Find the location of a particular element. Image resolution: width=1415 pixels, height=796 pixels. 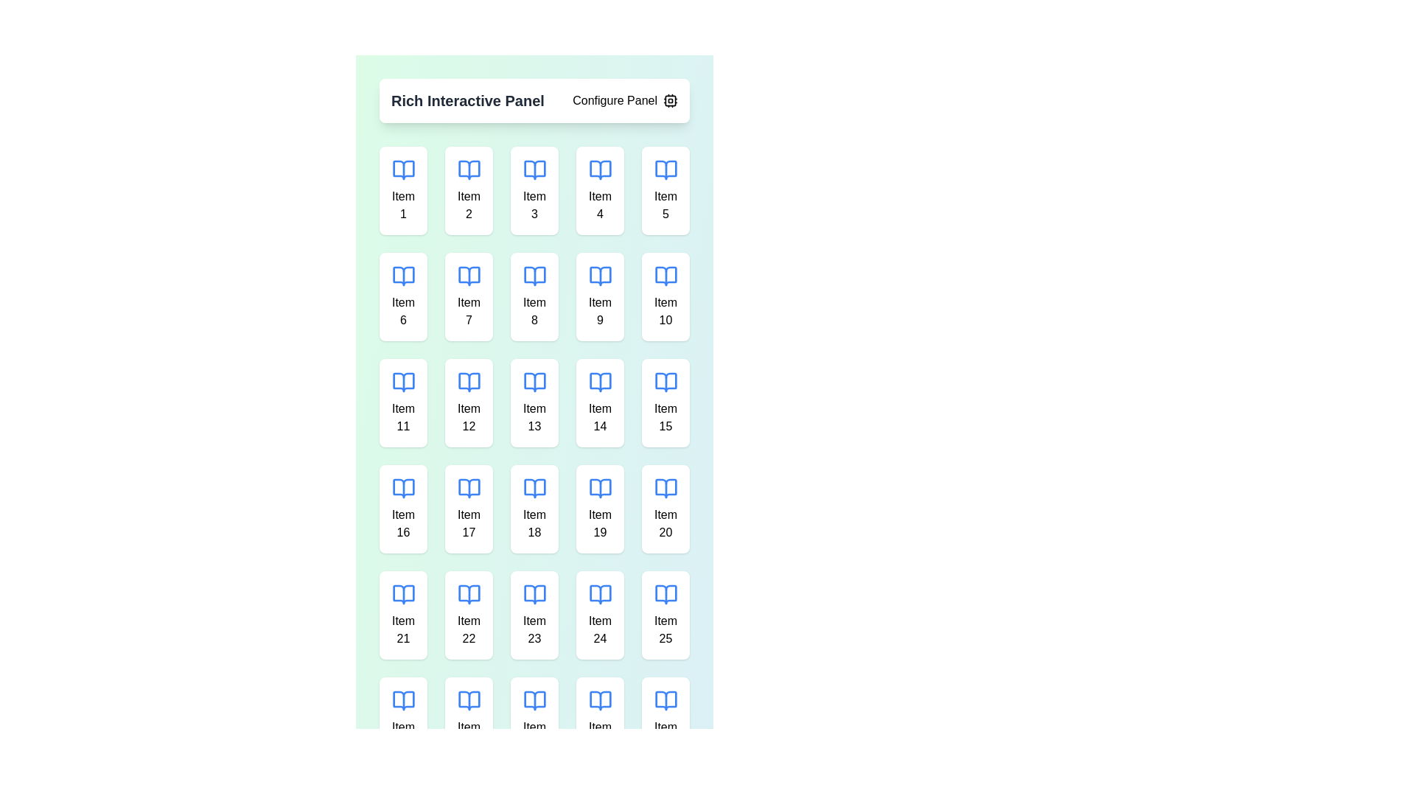

the header text of the component is located at coordinates (467, 100).